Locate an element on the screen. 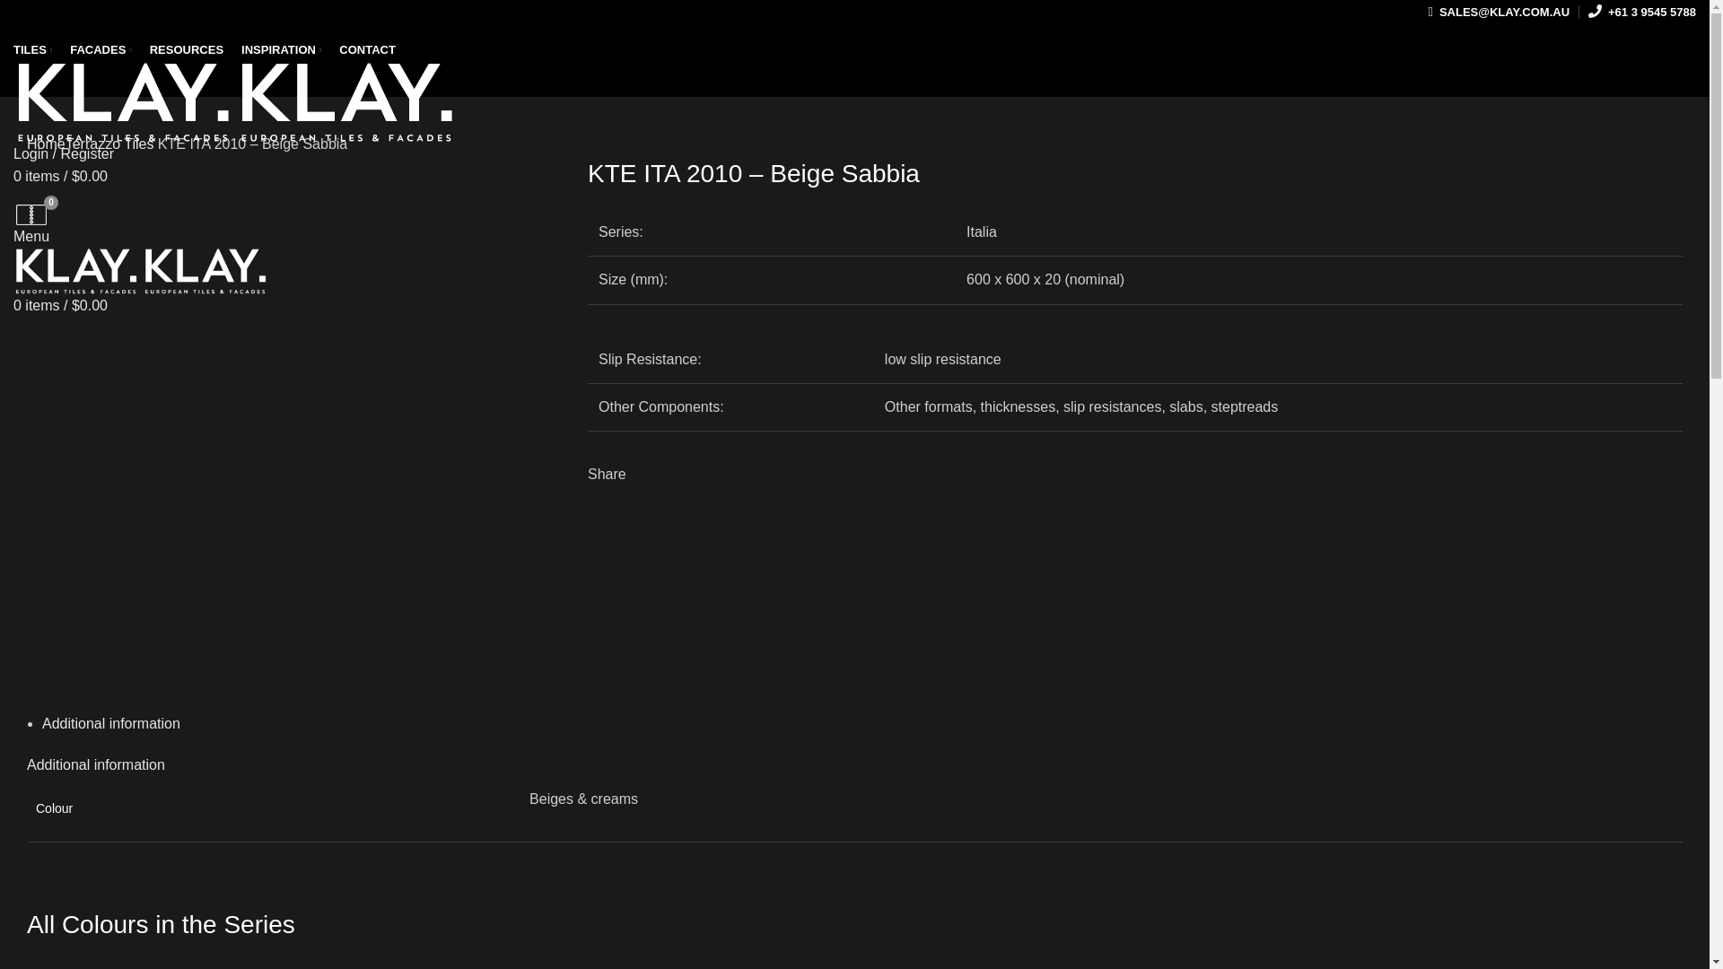 The width and height of the screenshot is (1723, 969). '+61 3 9545 5788' is located at coordinates (1641, 13).